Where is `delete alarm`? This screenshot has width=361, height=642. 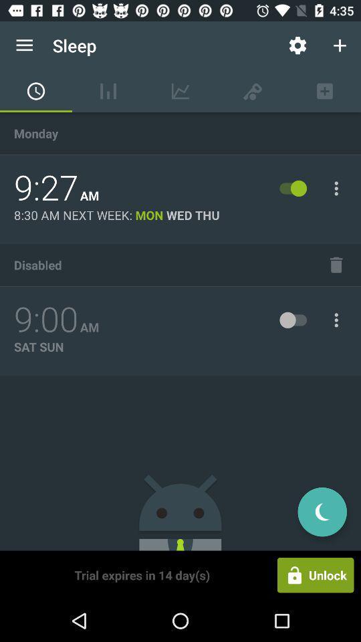
delete alarm is located at coordinates (336, 264).